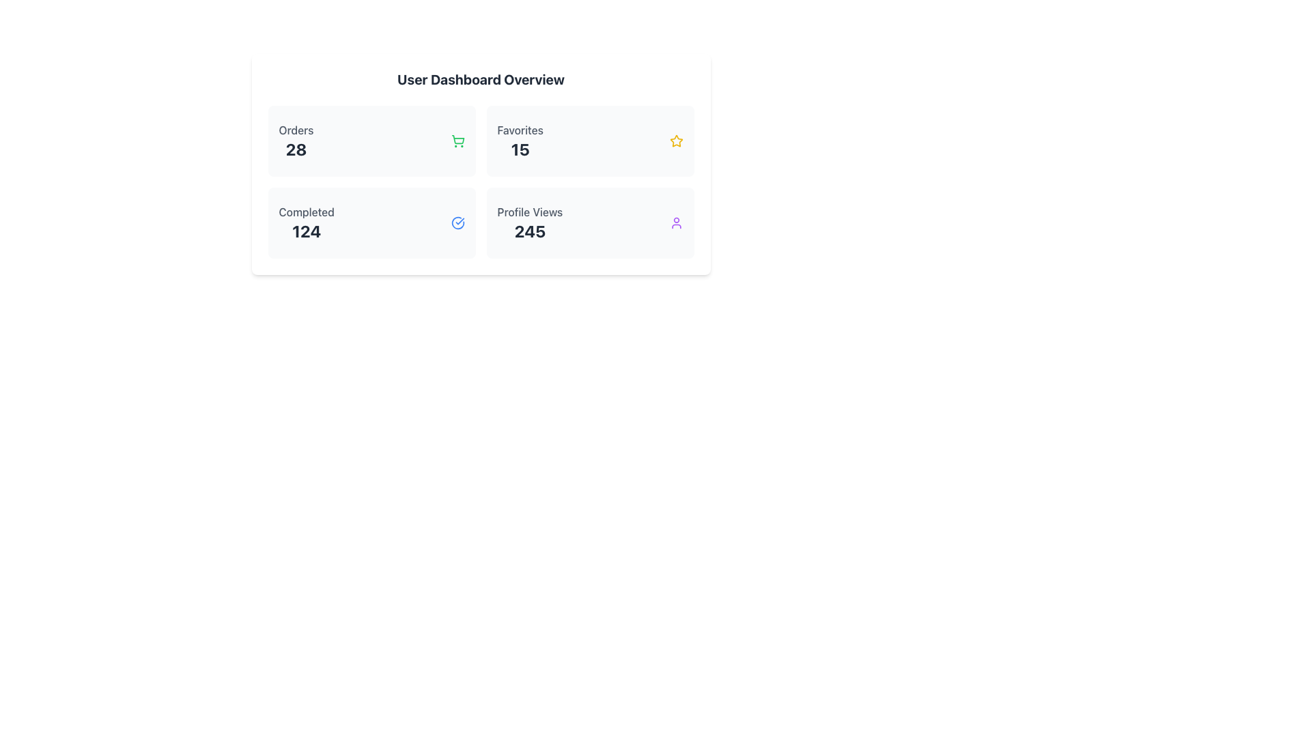 This screenshot has width=1311, height=737. I want to click on the shopping cart icon located in the top-right corner of the 'Orders' card, next to the numerical value '28', so click(457, 141).